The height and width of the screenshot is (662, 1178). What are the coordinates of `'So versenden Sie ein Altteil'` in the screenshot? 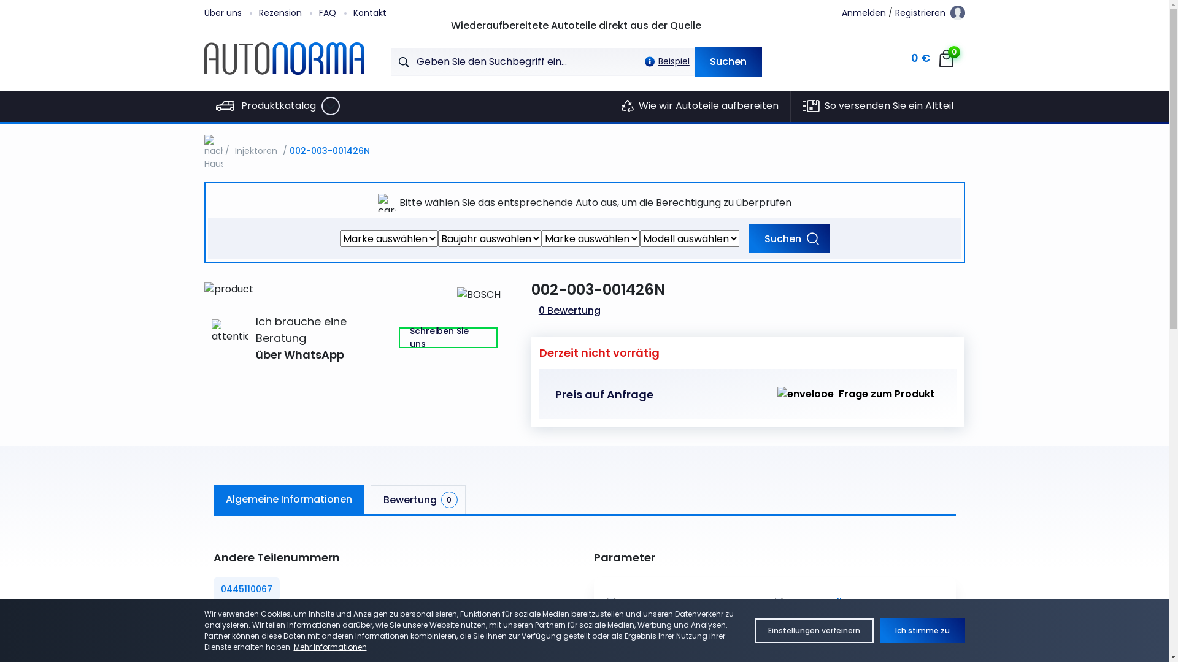 It's located at (791, 105).